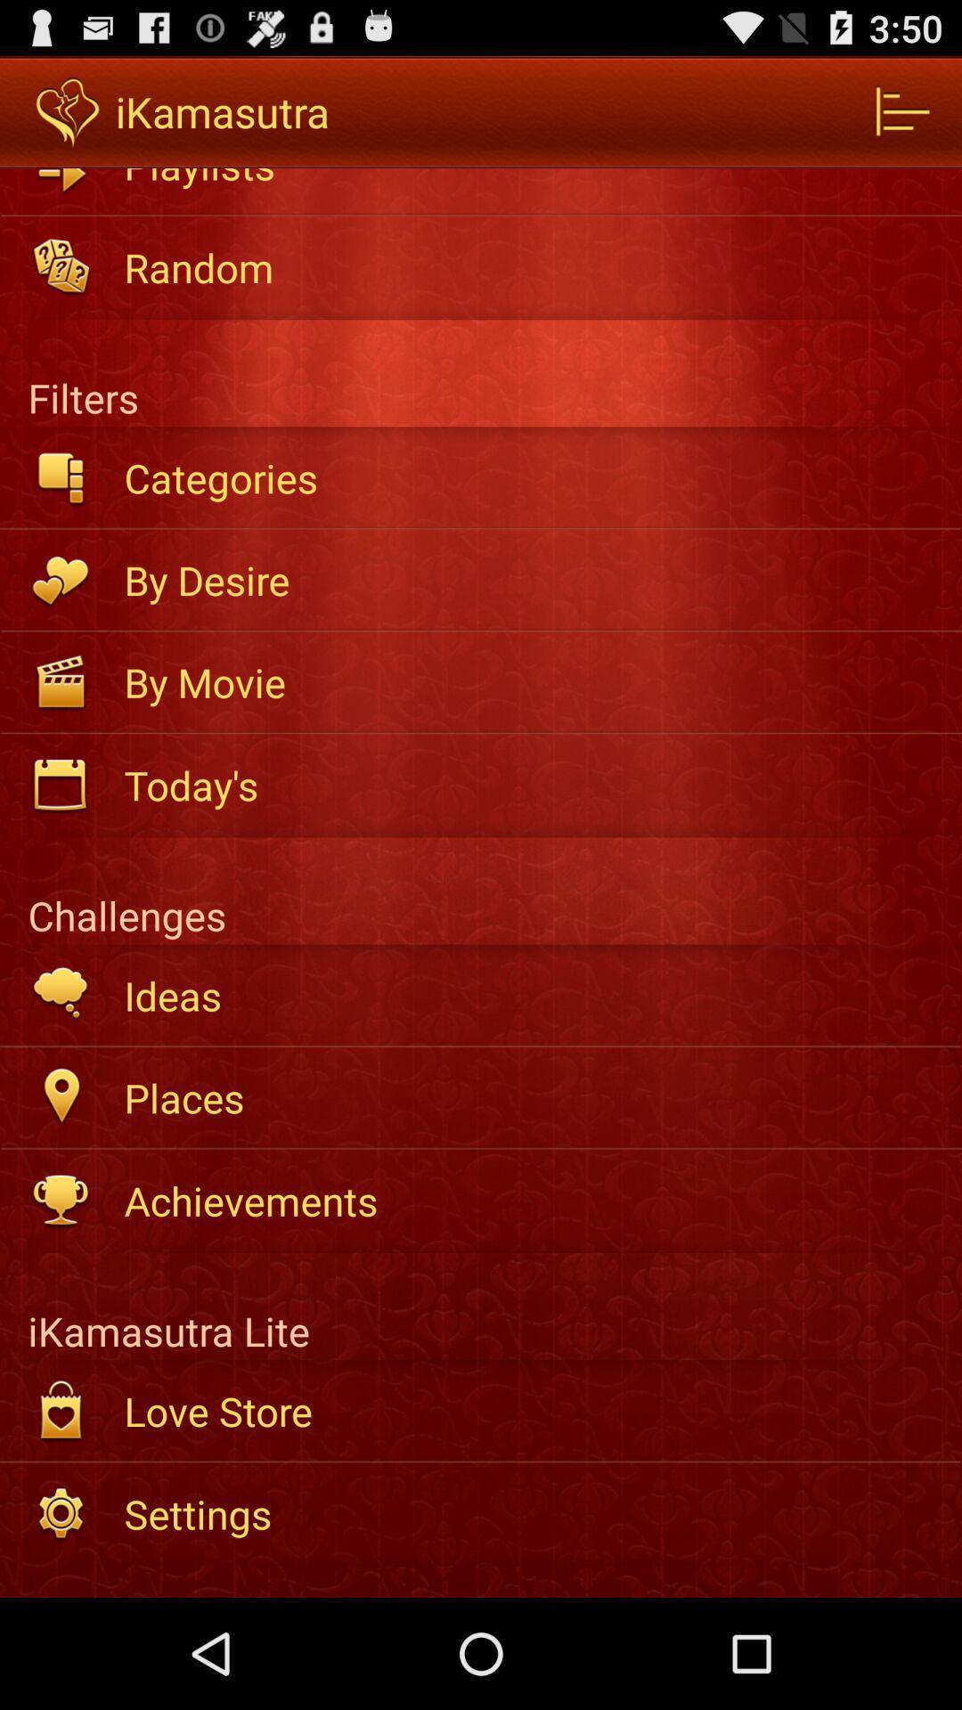 This screenshot has height=1710, width=962. I want to click on the achievements item, so click(530, 1201).